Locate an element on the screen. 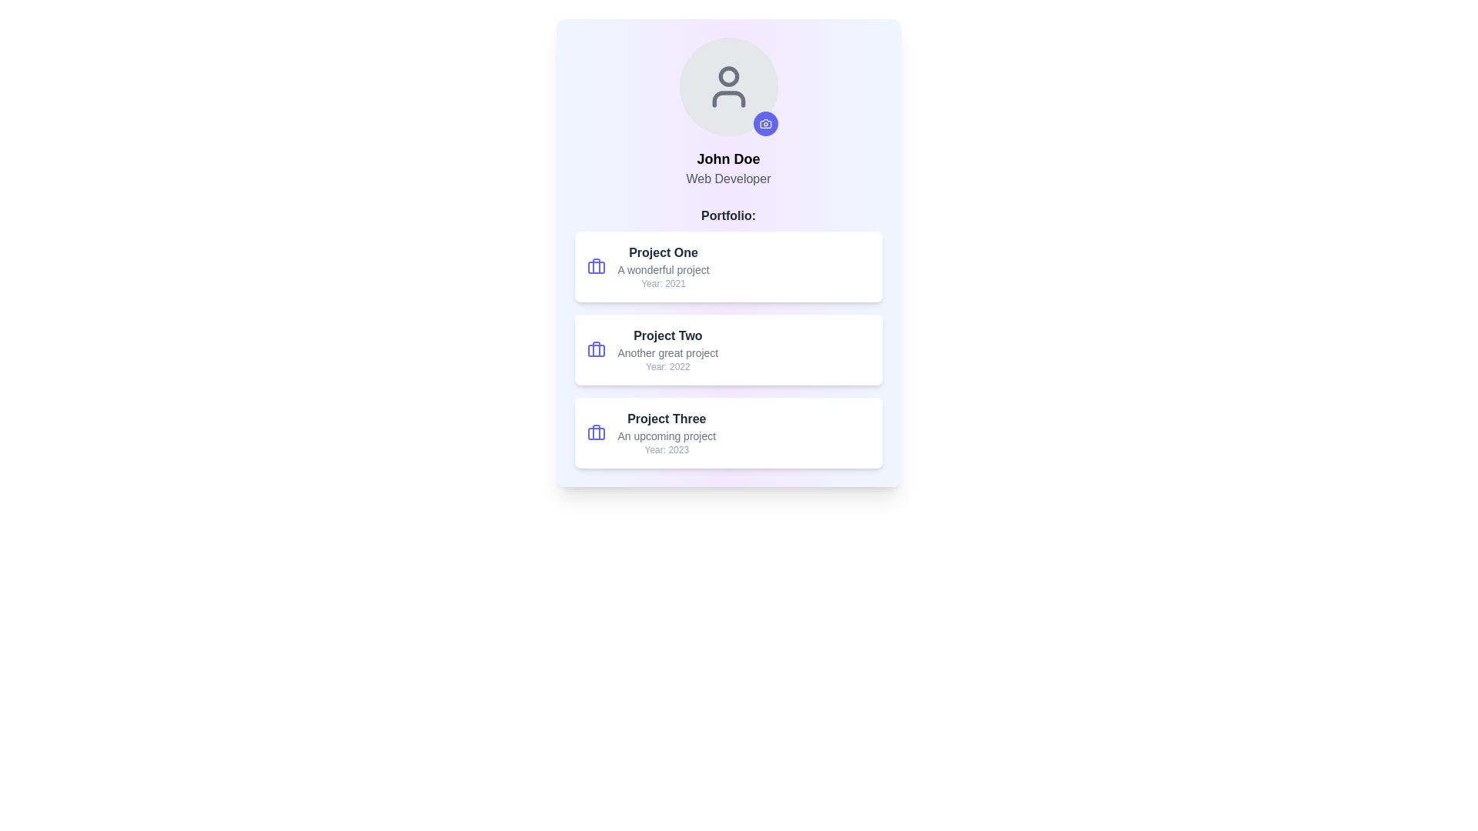  the camera icon located at the bottom-right segment of the circular avatar image within the profile card is located at coordinates (765, 123).